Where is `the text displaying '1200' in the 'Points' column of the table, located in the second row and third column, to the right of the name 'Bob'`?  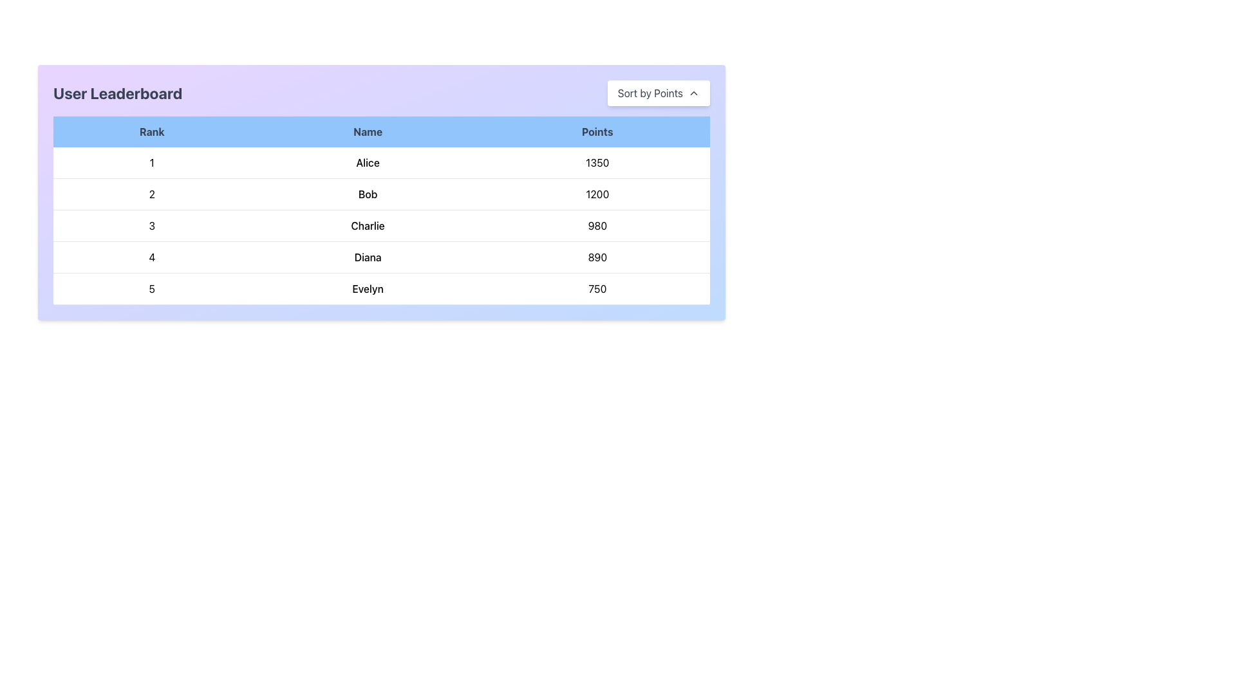
the text displaying '1200' in the 'Points' column of the table, located in the second row and third column, to the right of the name 'Bob' is located at coordinates (597, 194).